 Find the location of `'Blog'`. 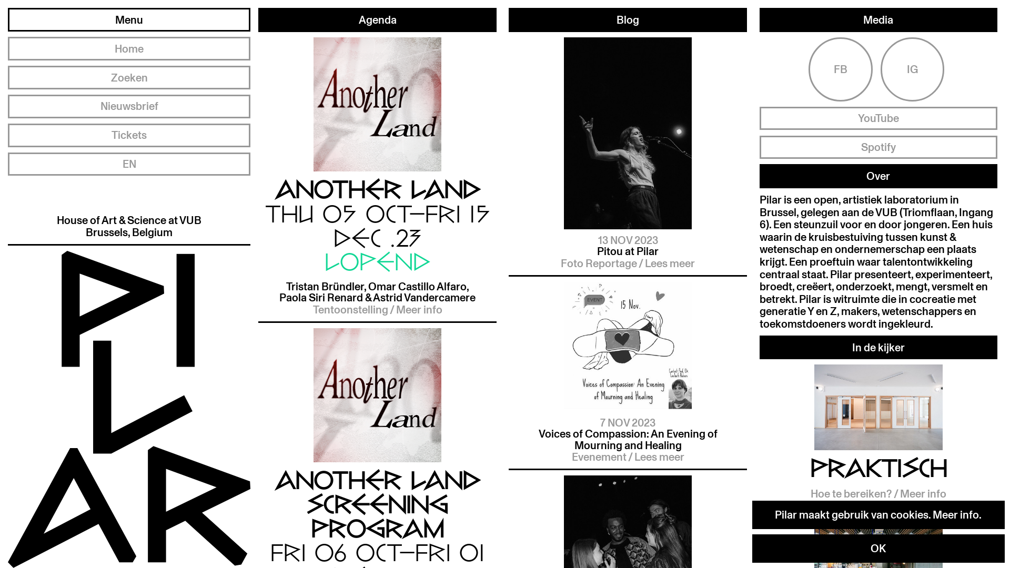

'Blog' is located at coordinates (628, 20).